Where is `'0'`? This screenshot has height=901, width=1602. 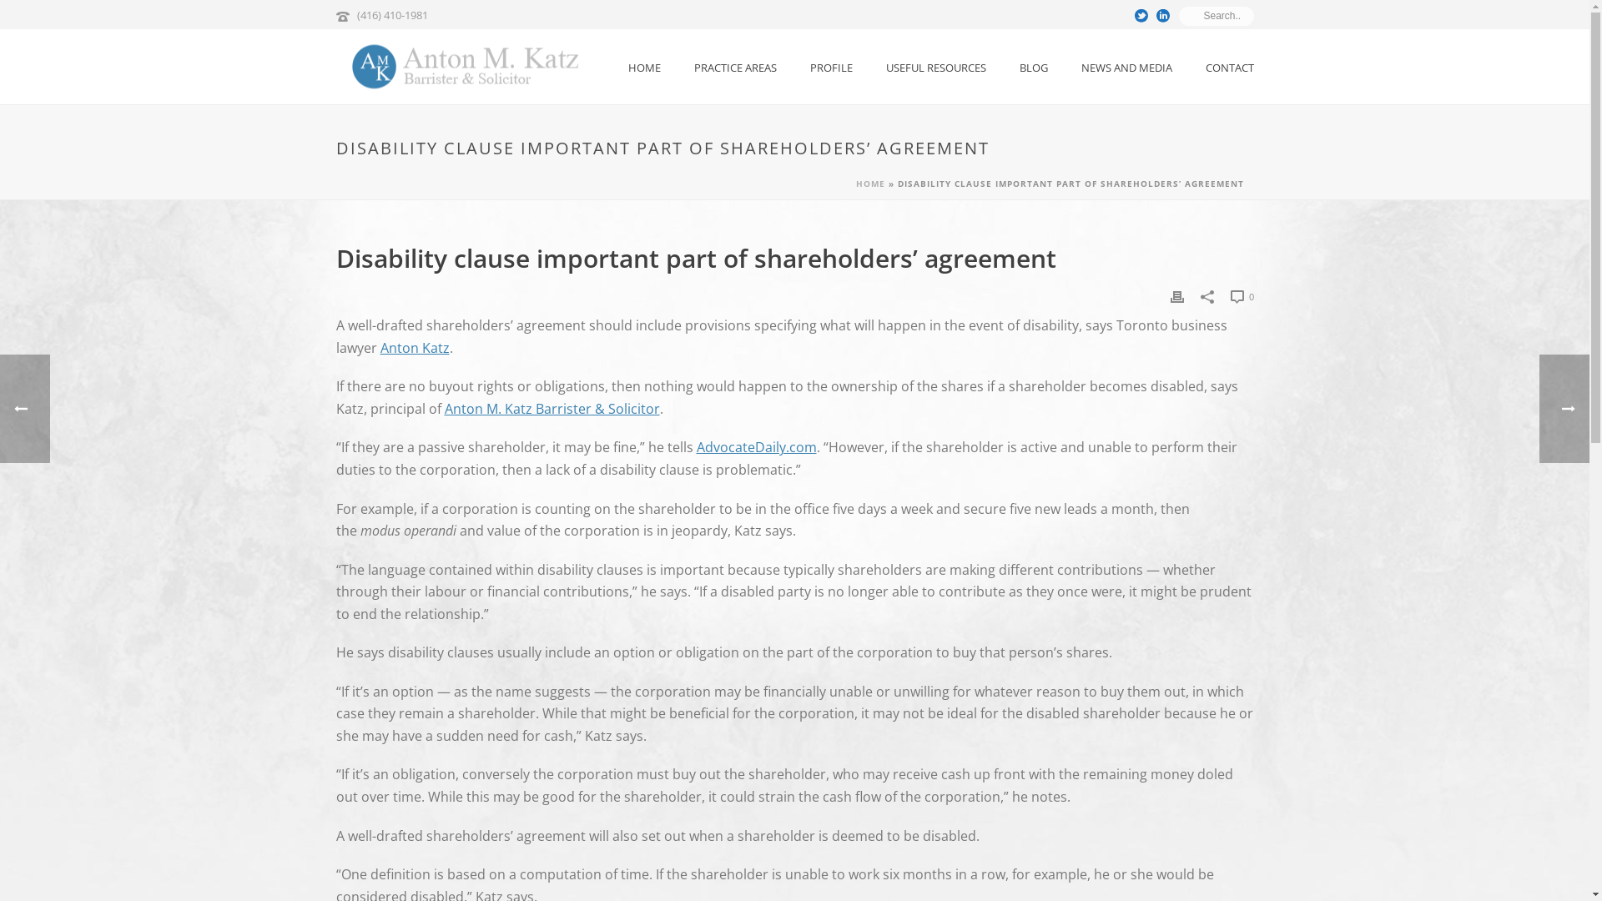 '0' is located at coordinates (1242, 294).